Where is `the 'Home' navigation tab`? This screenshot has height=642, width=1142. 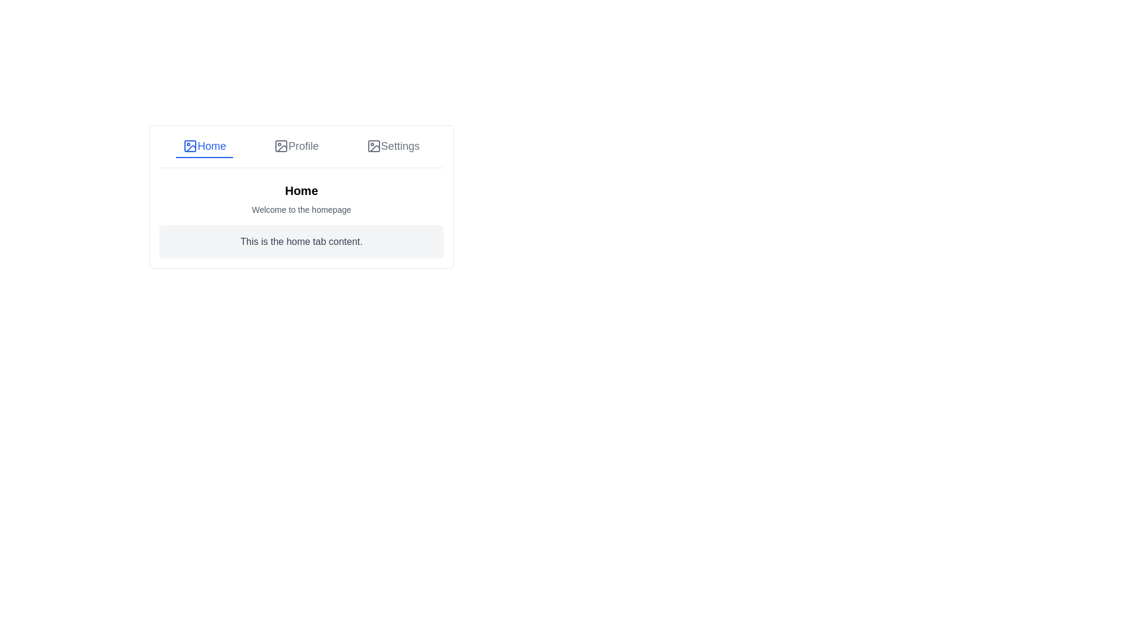 the 'Home' navigation tab is located at coordinates (205, 146).